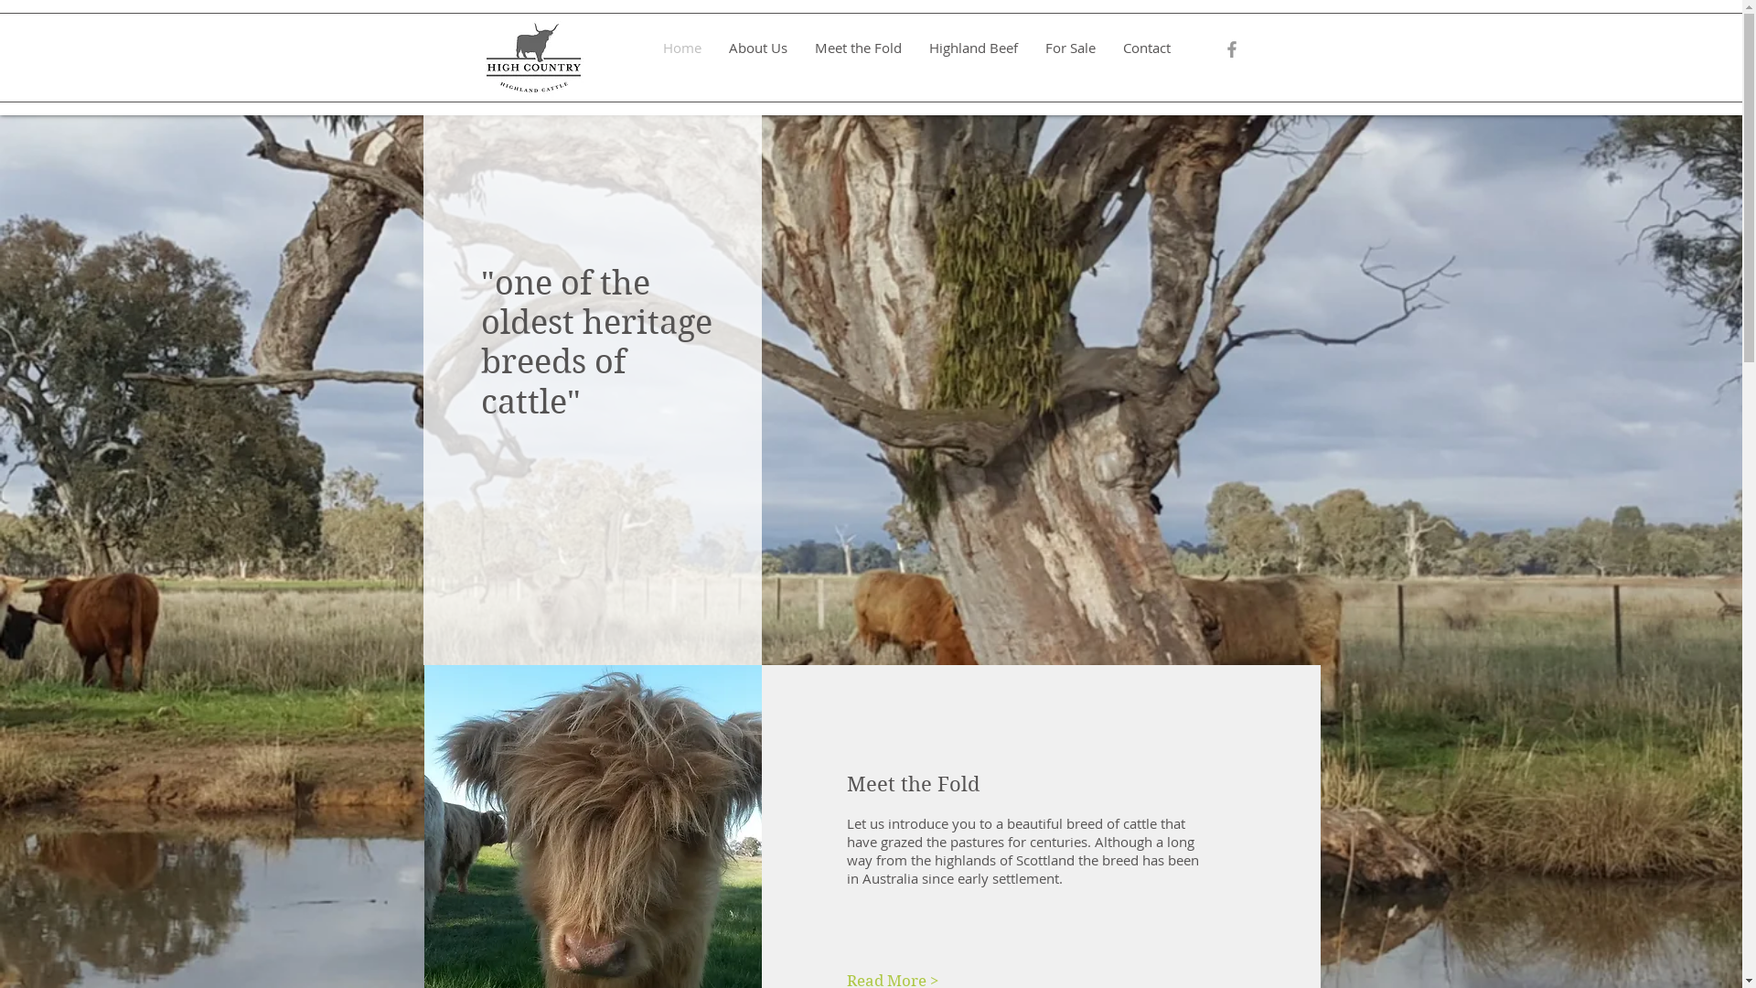 The width and height of the screenshot is (1756, 988). I want to click on 'About Us', so click(758, 46).